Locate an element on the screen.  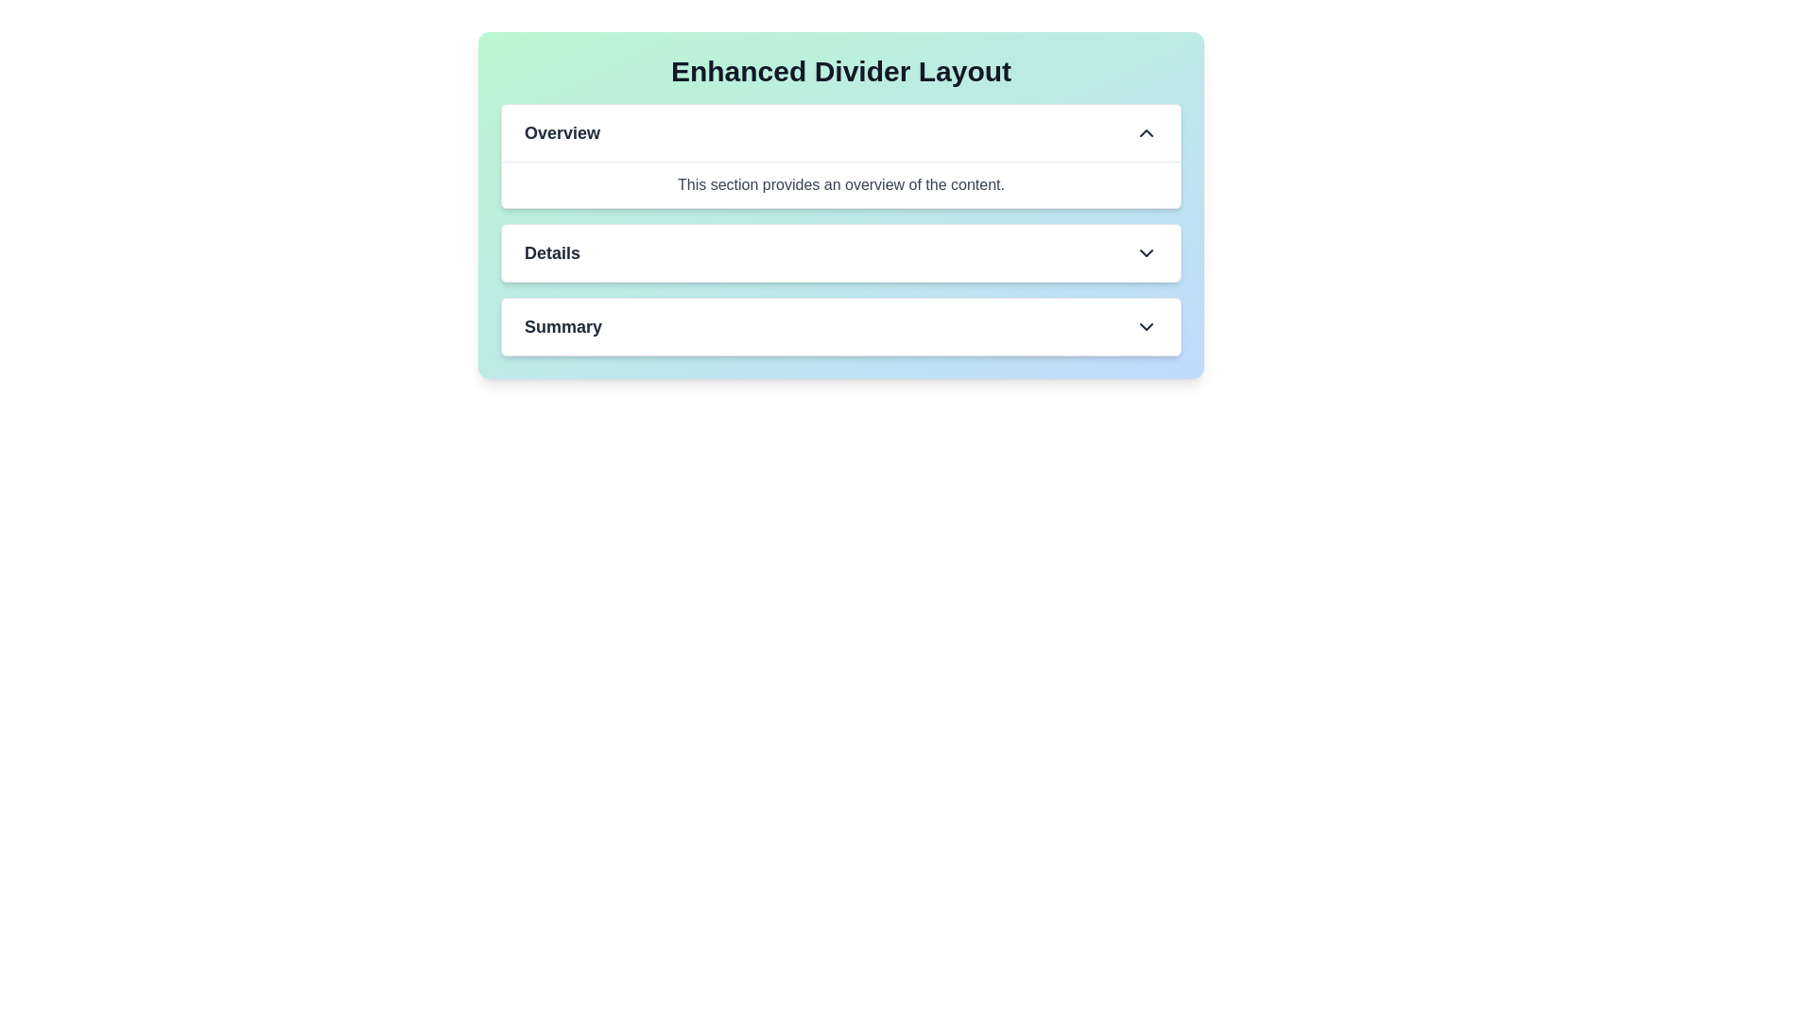
the downwards-facing chevron icon located within the 'Details' section, adjacent to the text on its right side, for potential visual feedback is located at coordinates (1146, 251).